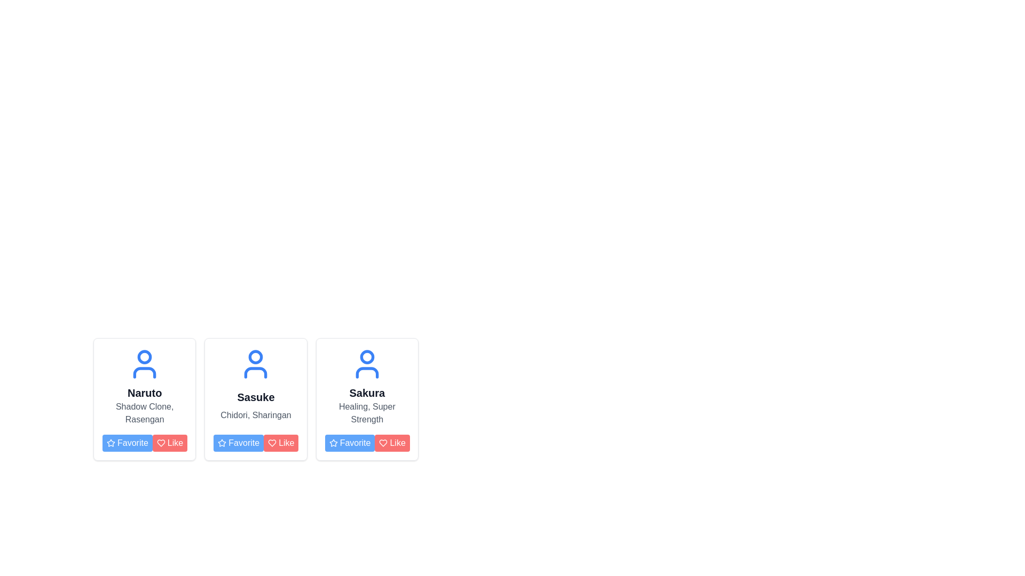 The height and width of the screenshot is (576, 1025). Describe the element at coordinates (383, 443) in the screenshot. I see `the heart icon-based 'like' button located in the bottom right corner of the 'Sakura' profile card to express positive feedback` at that location.